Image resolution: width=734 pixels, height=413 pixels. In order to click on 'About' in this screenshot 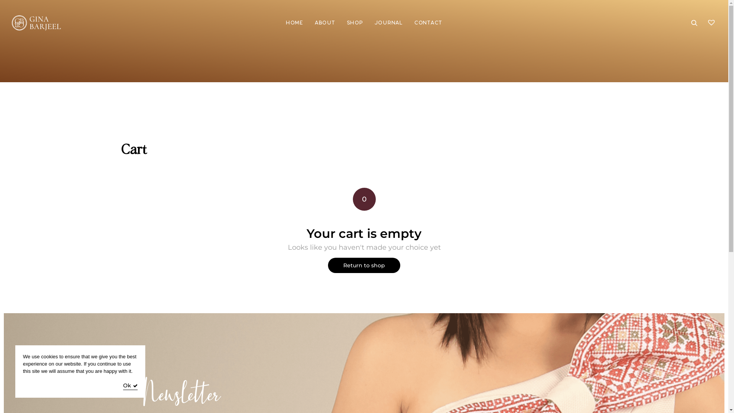, I will do `click(325, 23)`.